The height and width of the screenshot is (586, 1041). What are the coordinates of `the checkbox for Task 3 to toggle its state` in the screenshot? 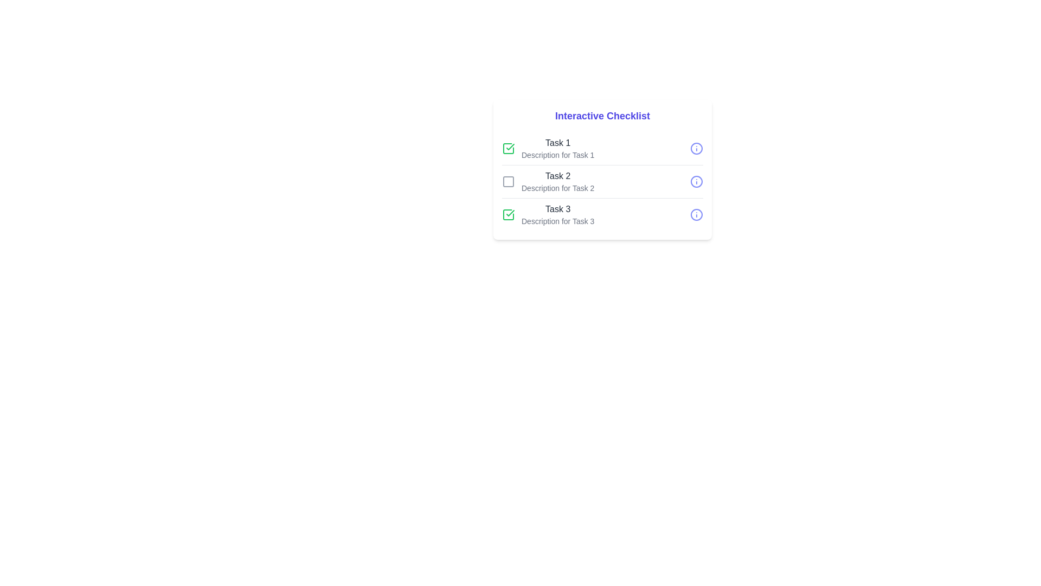 It's located at (507, 215).